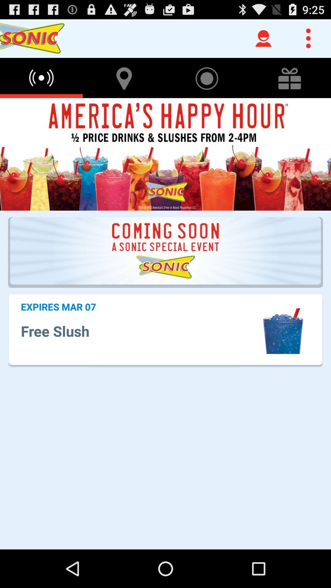  I want to click on the gift icon, so click(290, 83).